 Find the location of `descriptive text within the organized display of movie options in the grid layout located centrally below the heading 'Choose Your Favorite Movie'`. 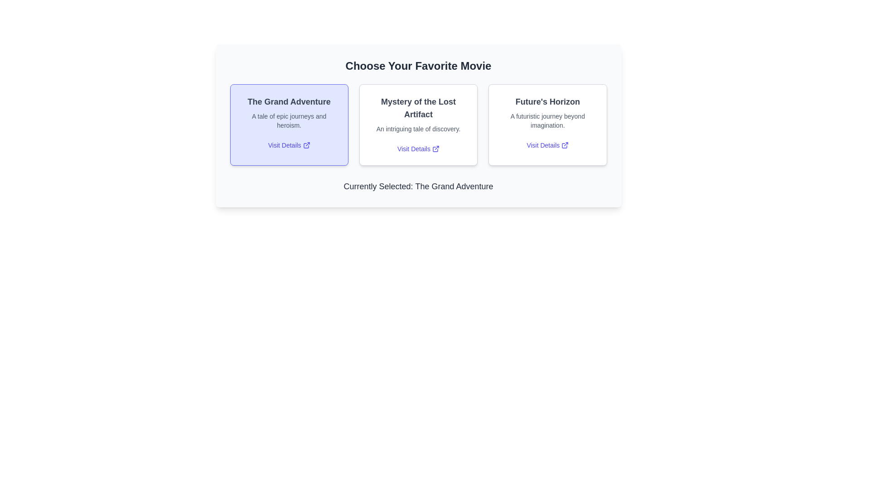

descriptive text within the organized display of movie options in the grid layout located centrally below the heading 'Choose Your Favorite Movie' is located at coordinates (418, 125).